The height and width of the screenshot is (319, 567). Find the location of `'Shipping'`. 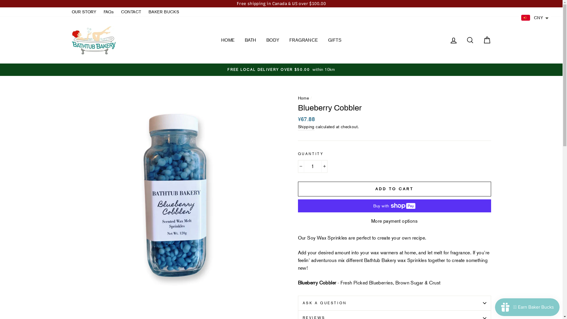

'Shipping' is located at coordinates (298, 127).